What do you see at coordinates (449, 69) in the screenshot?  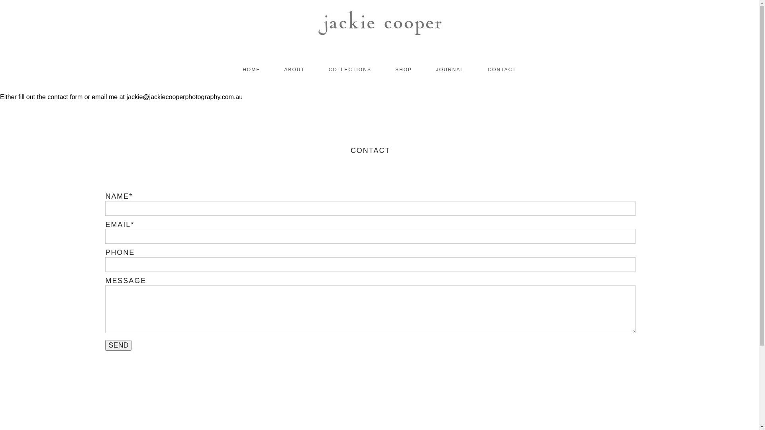 I see `'JOURNAL'` at bounding box center [449, 69].